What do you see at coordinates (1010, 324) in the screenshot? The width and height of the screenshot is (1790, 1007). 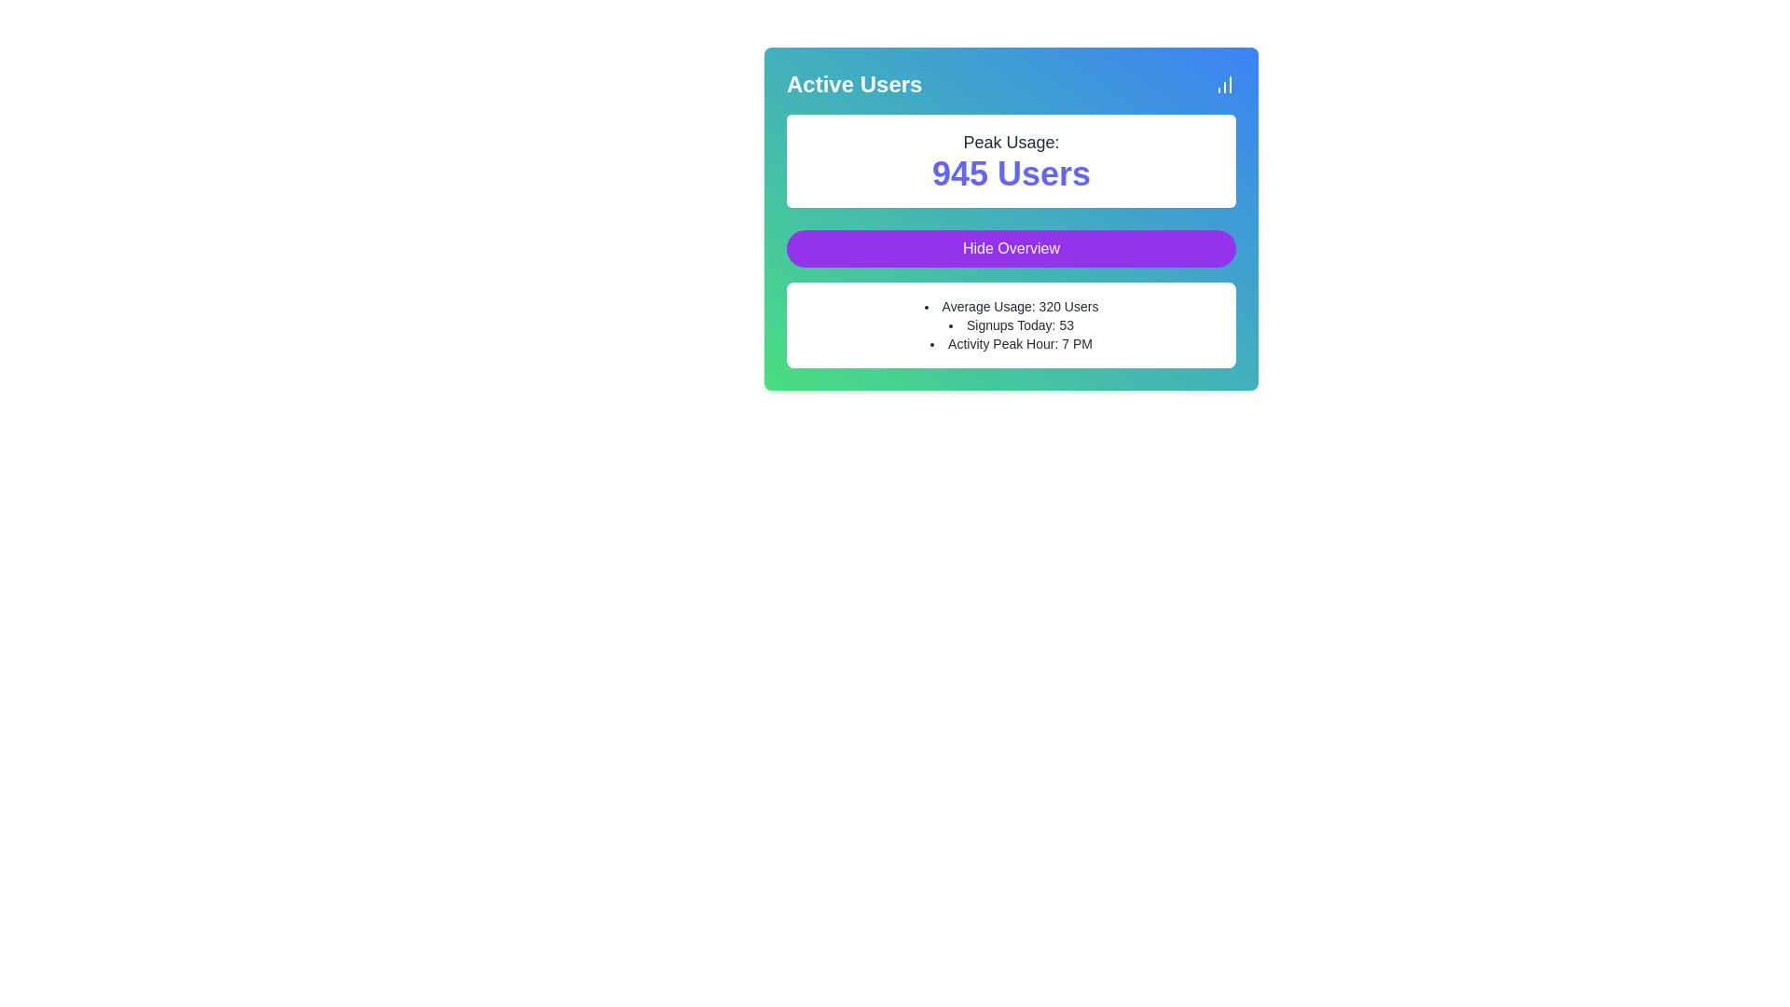 I see `the Text element displaying 'Signups Today: 53' which is the second item in a bullet-point list within the 'Active Users' panel` at bounding box center [1010, 324].